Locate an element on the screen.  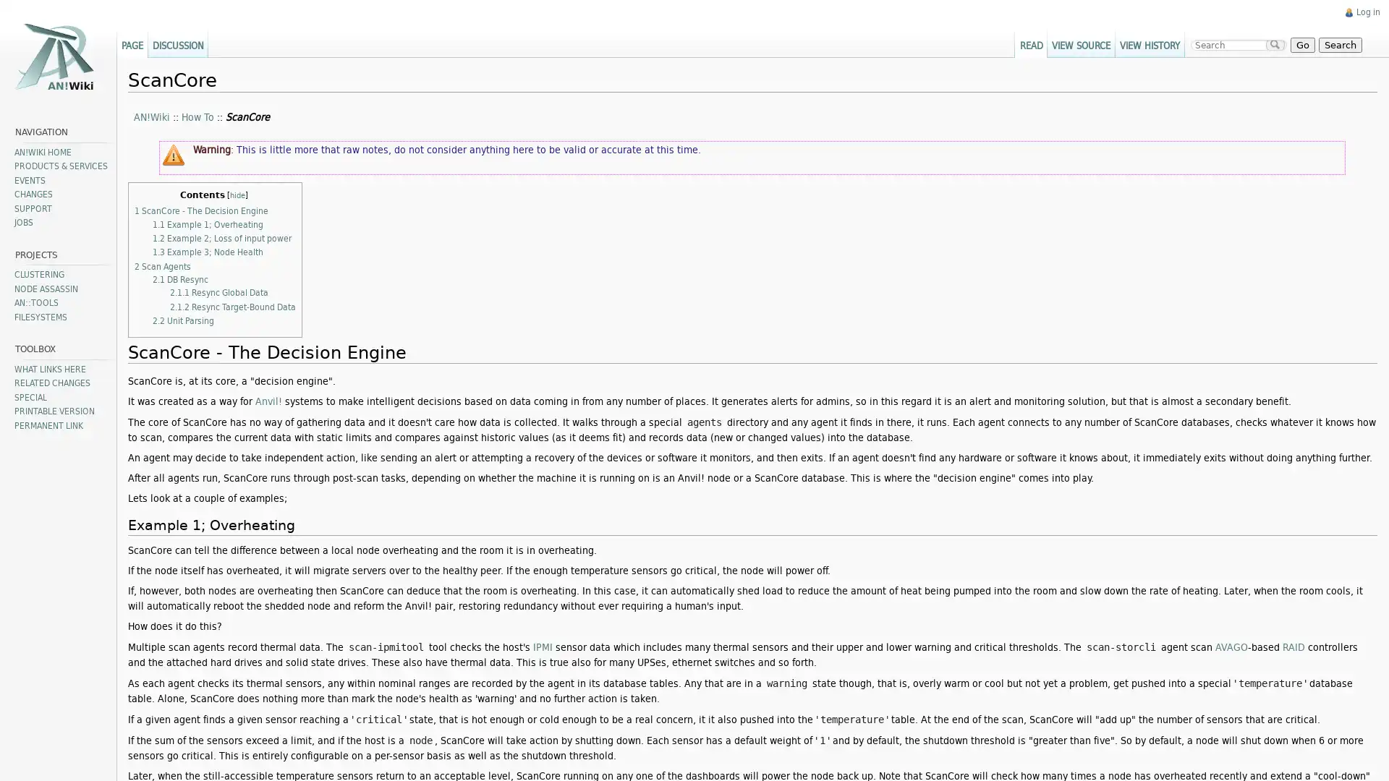
Search is located at coordinates (1333, 43).